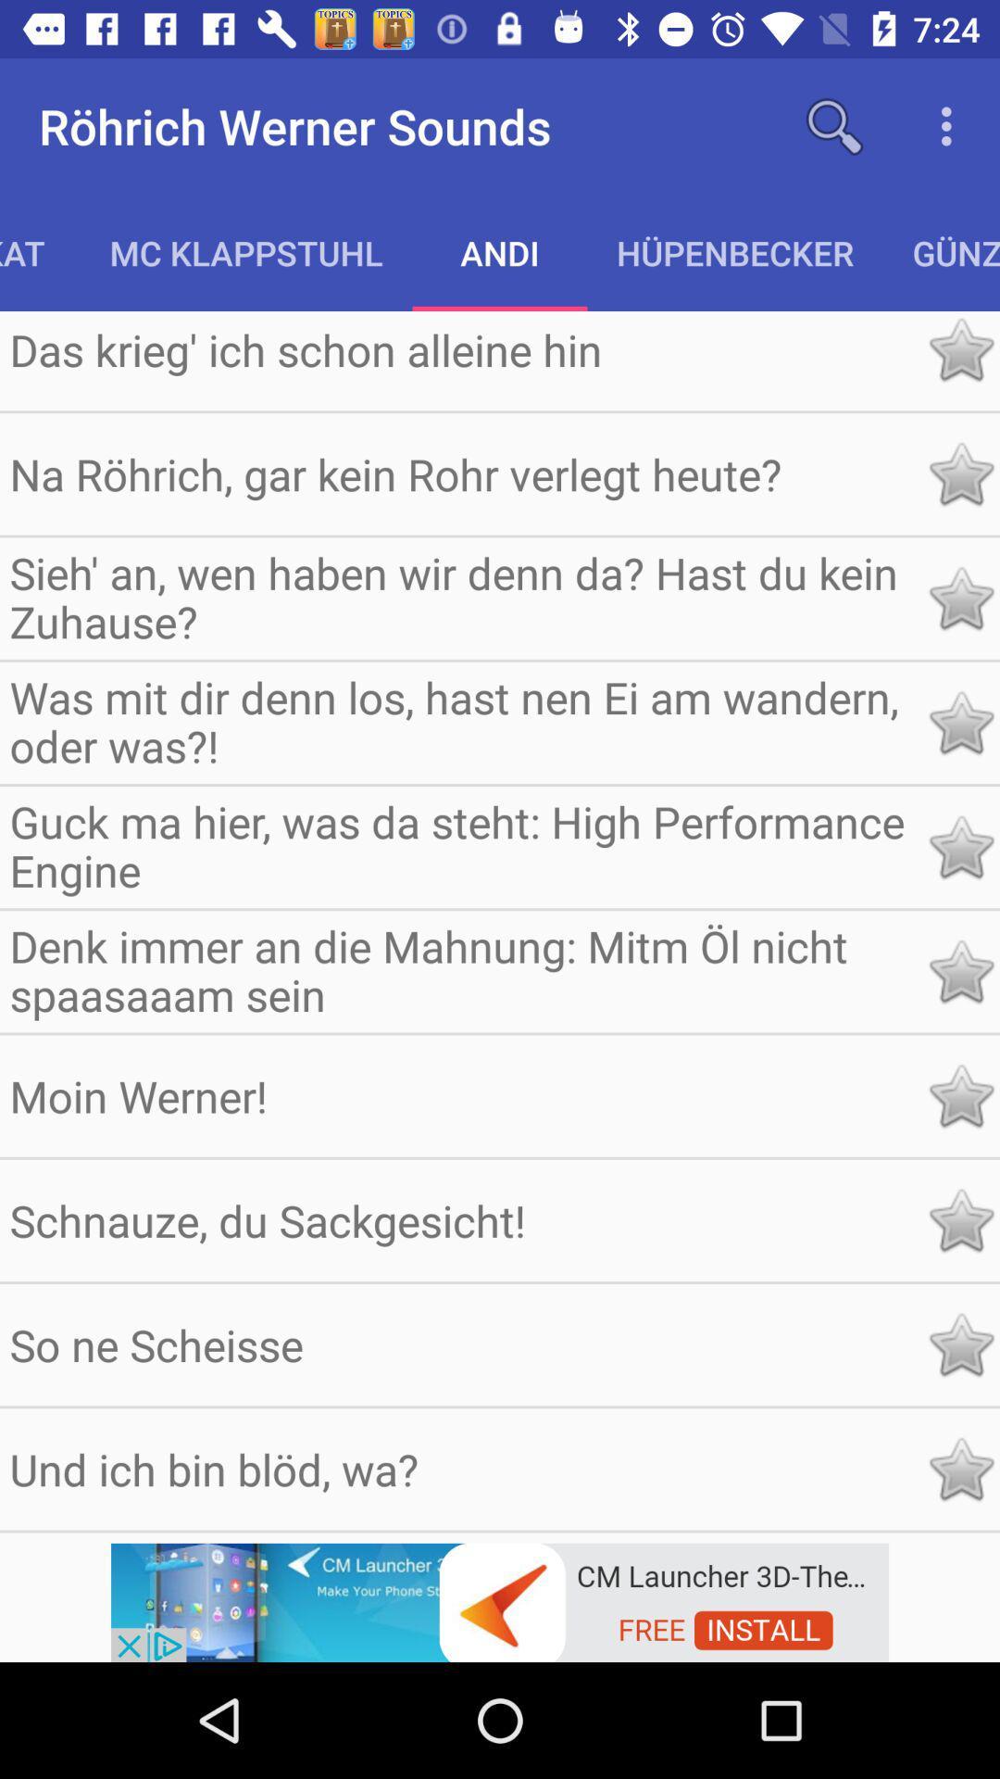  I want to click on this item, so click(959, 1468).